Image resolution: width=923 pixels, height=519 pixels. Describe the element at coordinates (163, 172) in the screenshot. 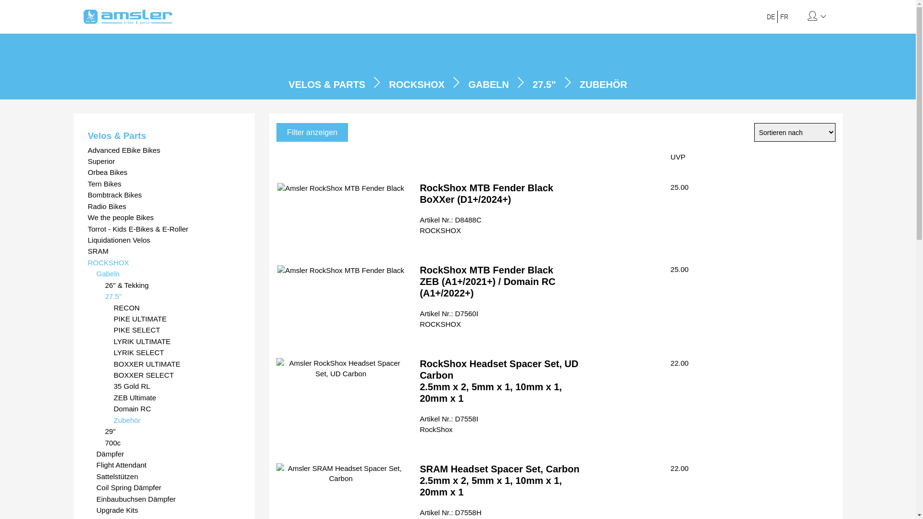

I see `'Orbea Bikes'` at that location.